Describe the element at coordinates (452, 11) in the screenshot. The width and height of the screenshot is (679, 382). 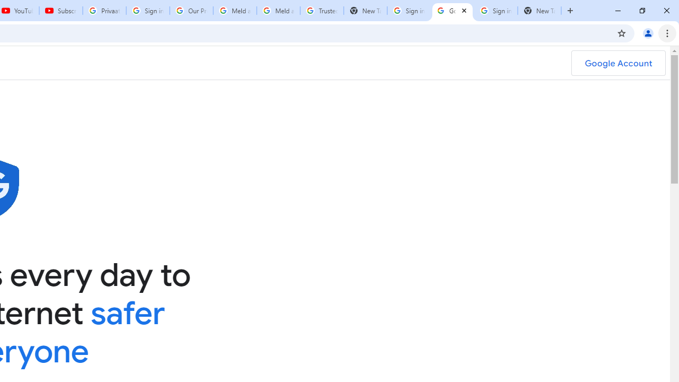
I see `'Google Cybersecurity Innovations - Google Safety Center'` at that location.